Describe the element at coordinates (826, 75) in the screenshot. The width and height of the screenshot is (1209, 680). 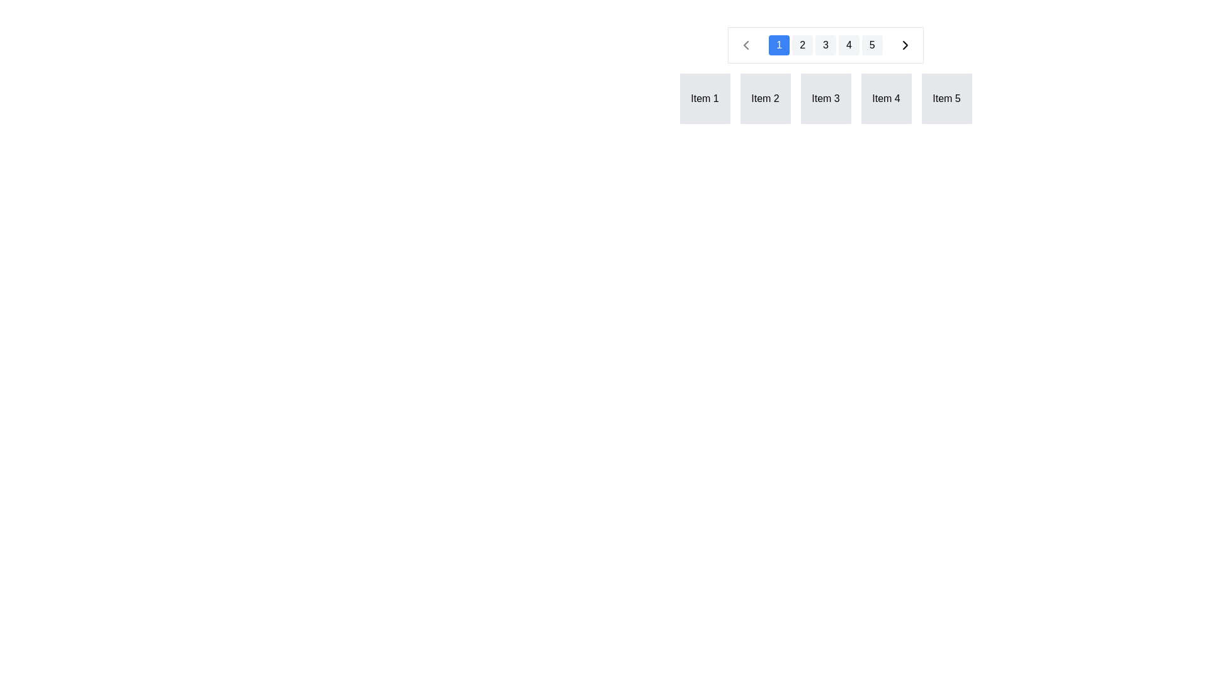
I see `the third interactive card in the horizontal arrangement` at that location.